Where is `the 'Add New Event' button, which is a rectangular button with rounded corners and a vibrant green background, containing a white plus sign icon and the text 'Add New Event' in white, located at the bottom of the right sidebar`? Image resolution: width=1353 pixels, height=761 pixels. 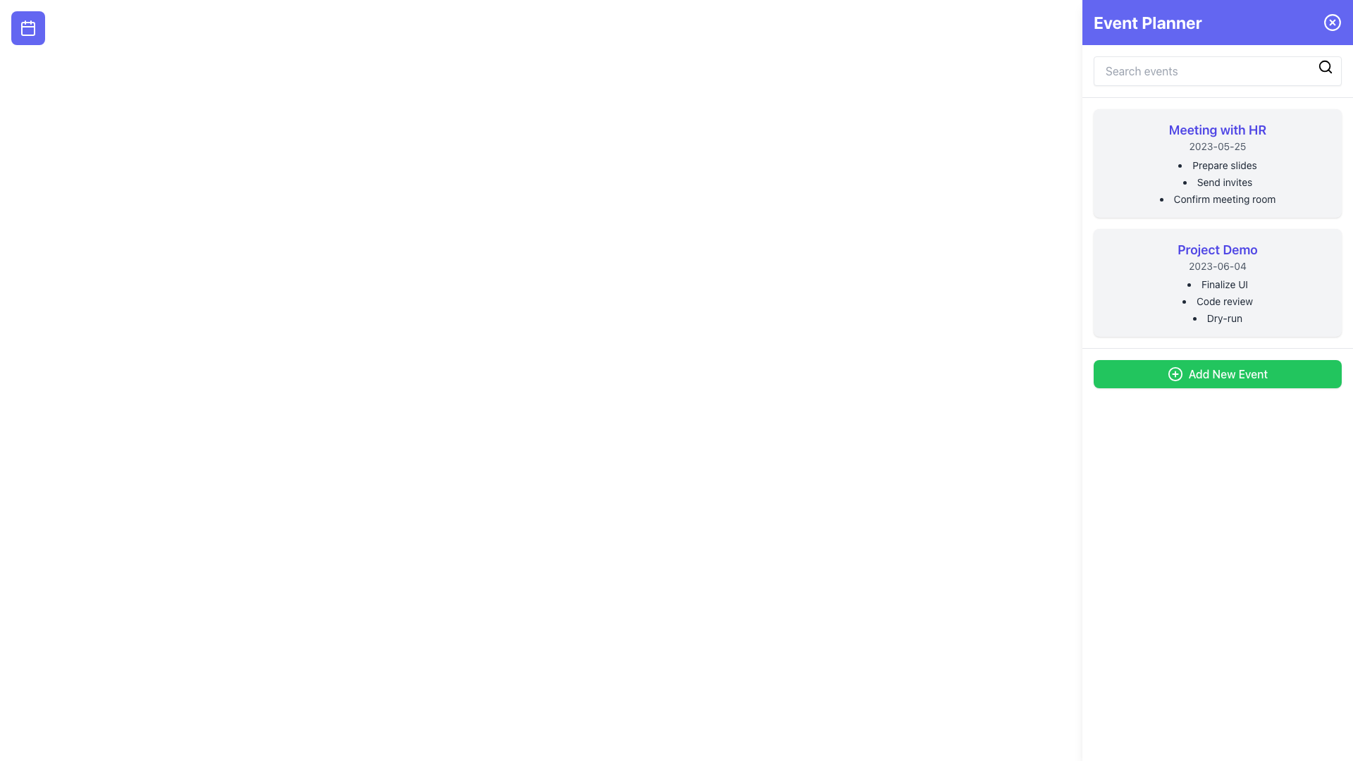 the 'Add New Event' button, which is a rectangular button with rounded corners and a vibrant green background, containing a white plus sign icon and the text 'Add New Event' in white, located at the bottom of the right sidebar is located at coordinates (1217, 373).